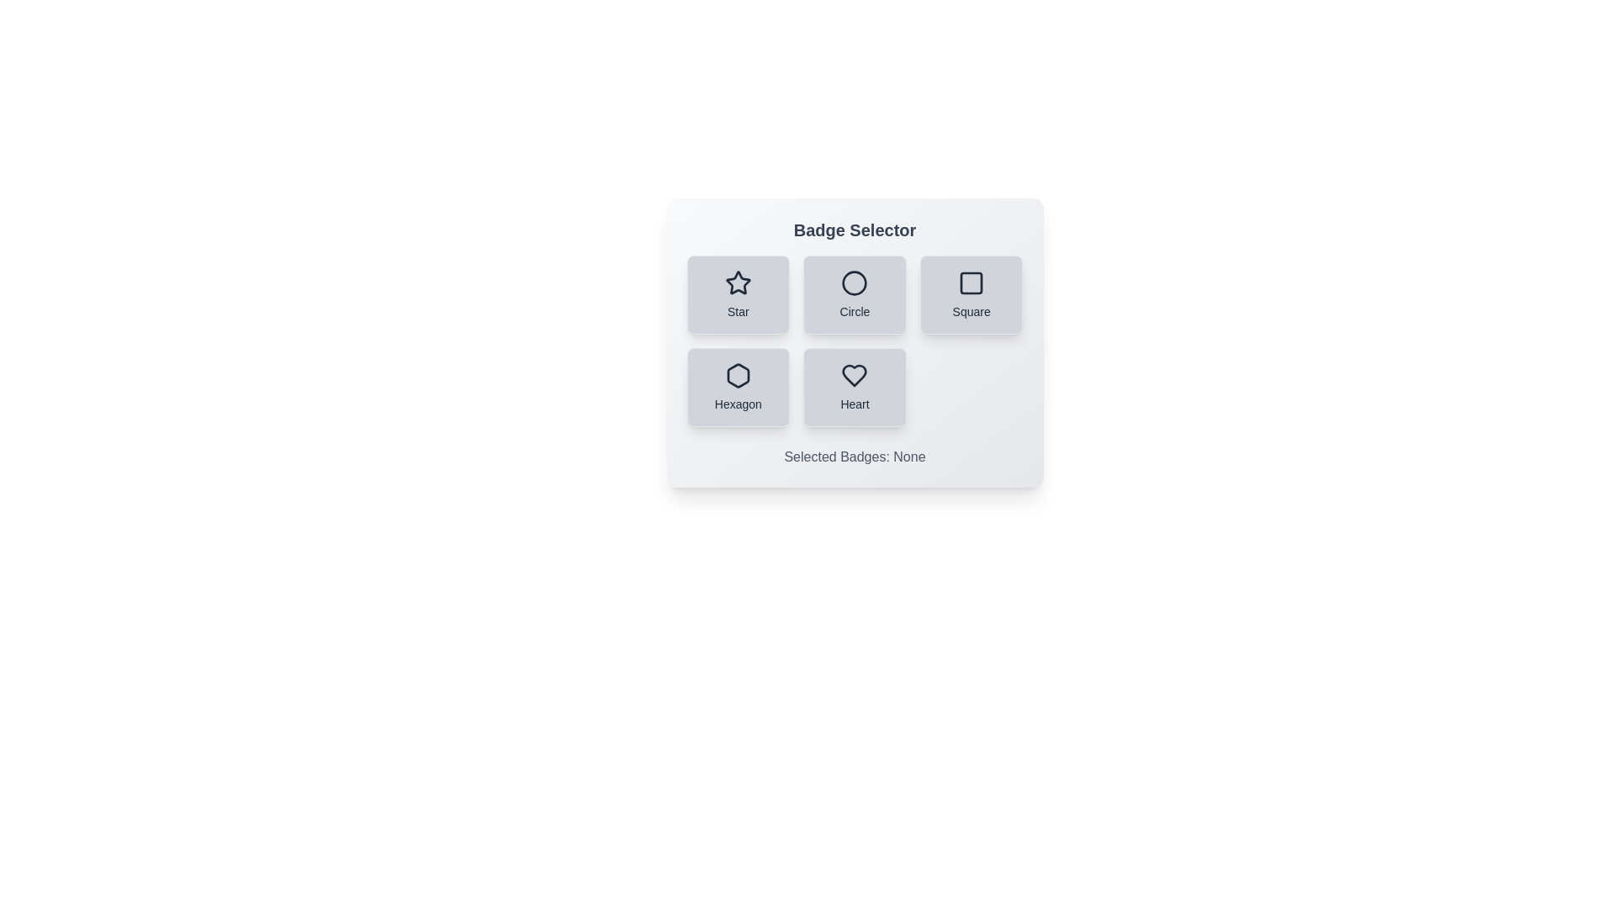 This screenshot has height=908, width=1615. What do you see at coordinates (855, 294) in the screenshot?
I see `the badge button labeled Circle to observe its visual feedback` at bounding box center [855, 294].